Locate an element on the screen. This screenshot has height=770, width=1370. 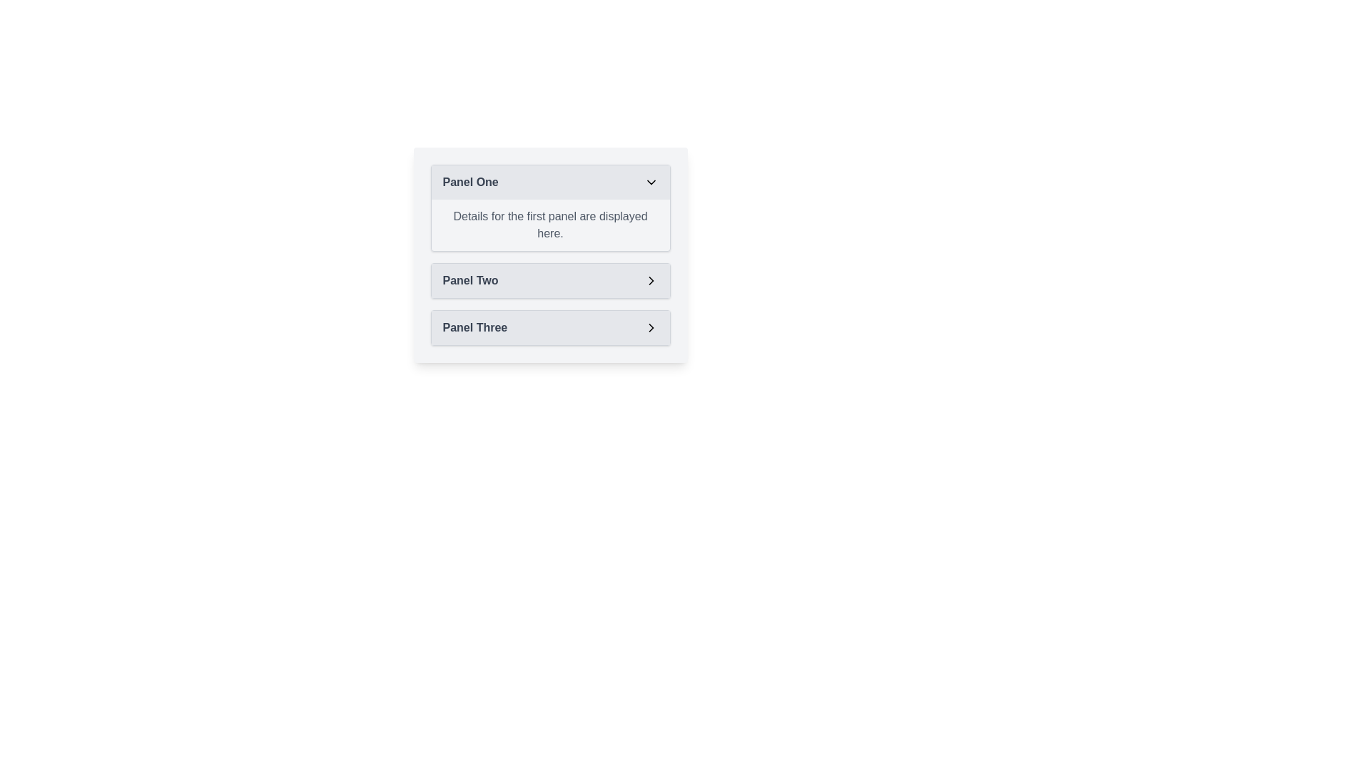
the rightward-pointing chevron icon located within the 'Panel Two' item of the panel list is located at coordinates (650, 280).